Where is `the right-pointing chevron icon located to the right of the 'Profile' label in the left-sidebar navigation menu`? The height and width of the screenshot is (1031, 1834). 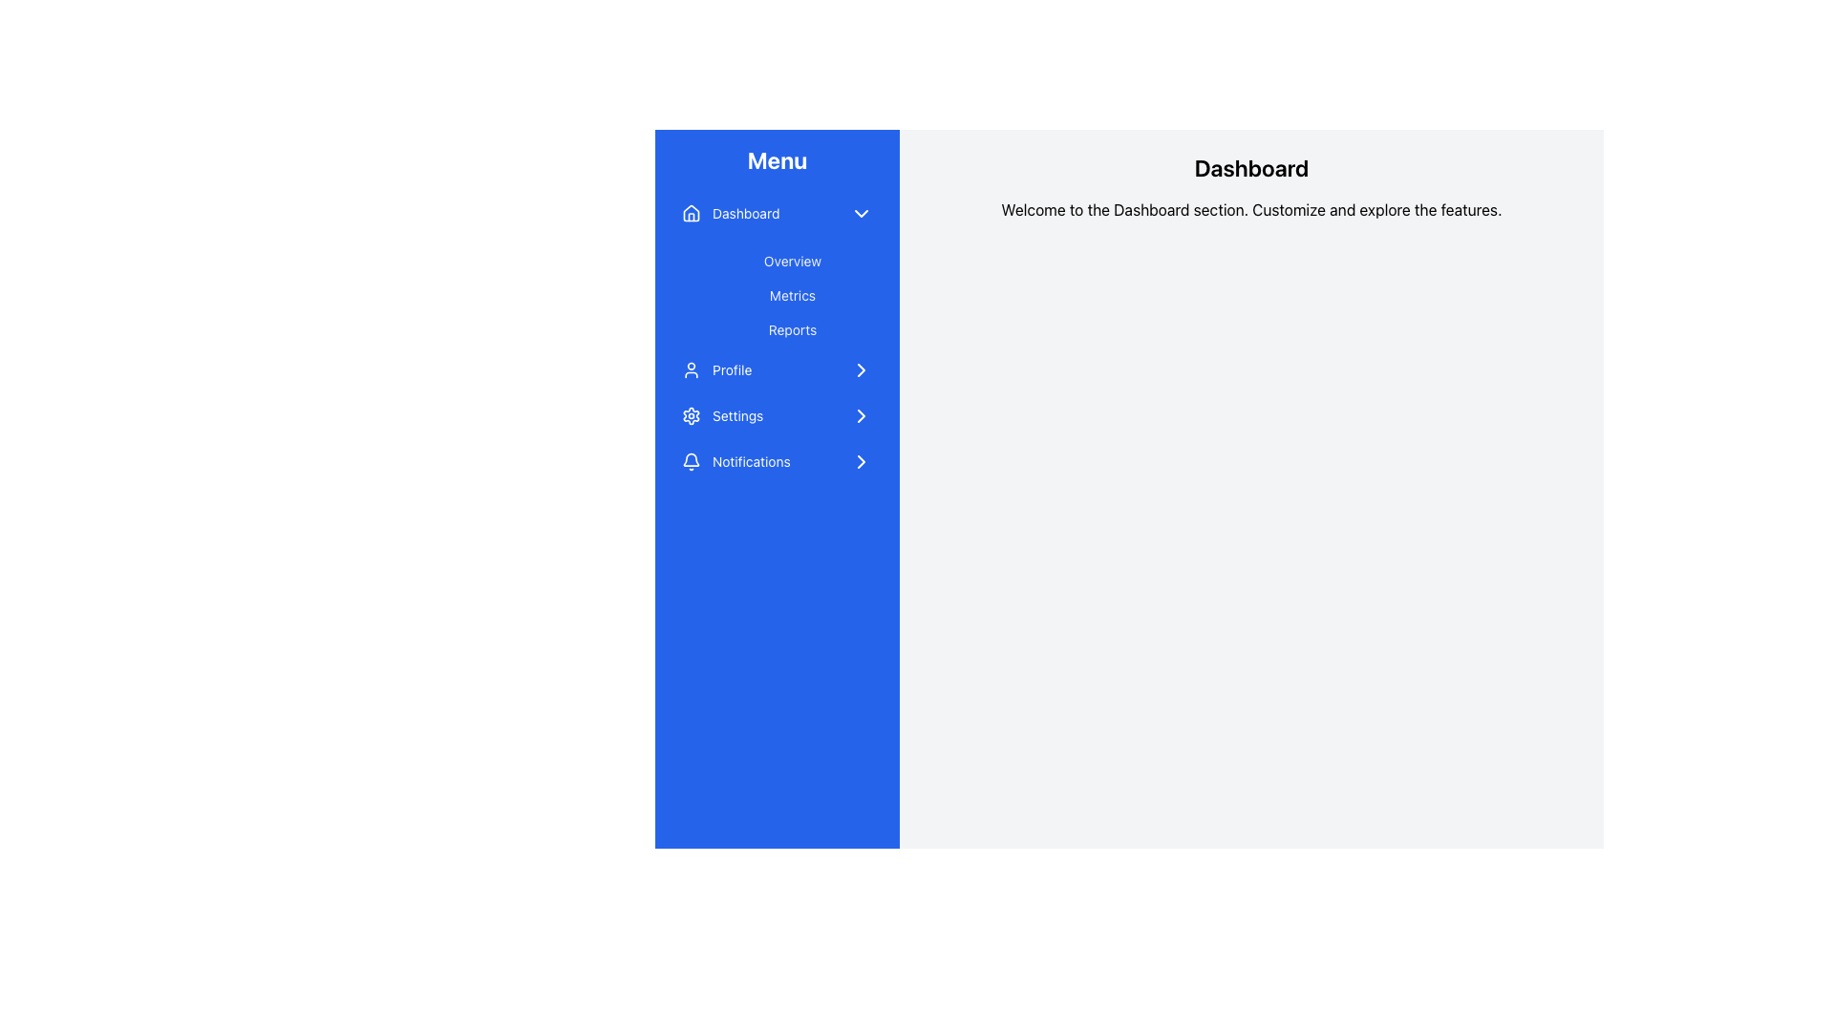 the right-pointing chevron icon located to the right of the 'Profile' label in the left-sidebar navigation menu is located at coordinates (861, 370).